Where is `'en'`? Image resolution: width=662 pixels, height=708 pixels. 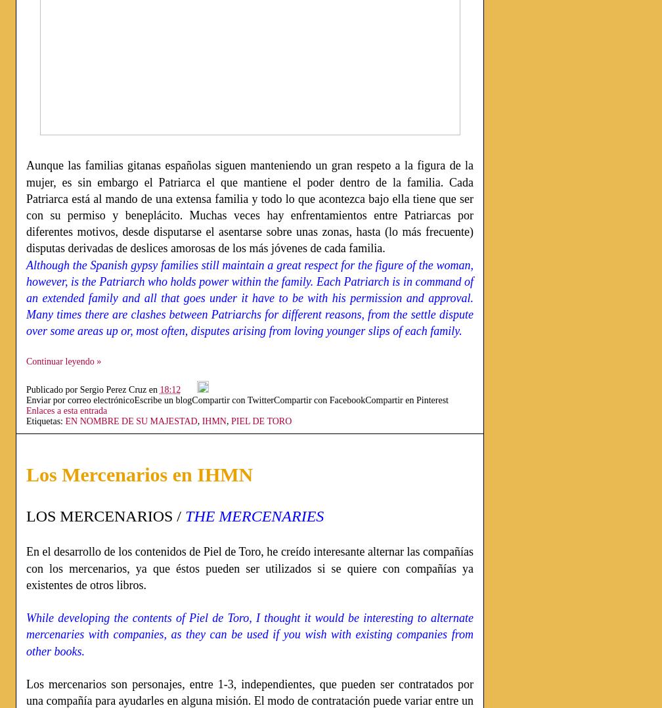
'en' is located at coordinates (148, 389).